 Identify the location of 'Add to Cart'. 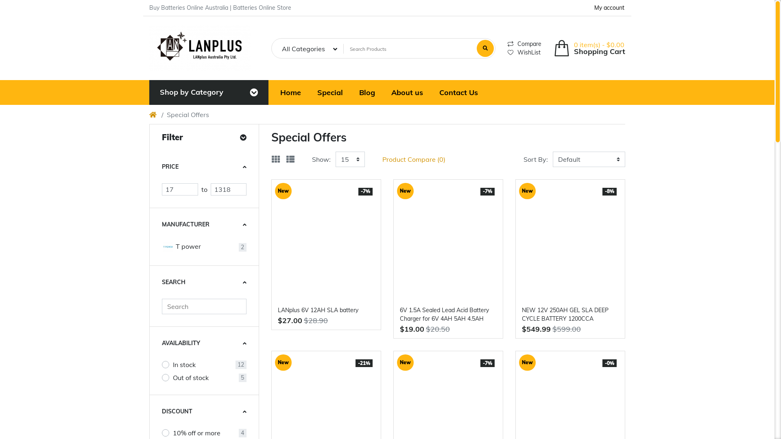
(544, 172).